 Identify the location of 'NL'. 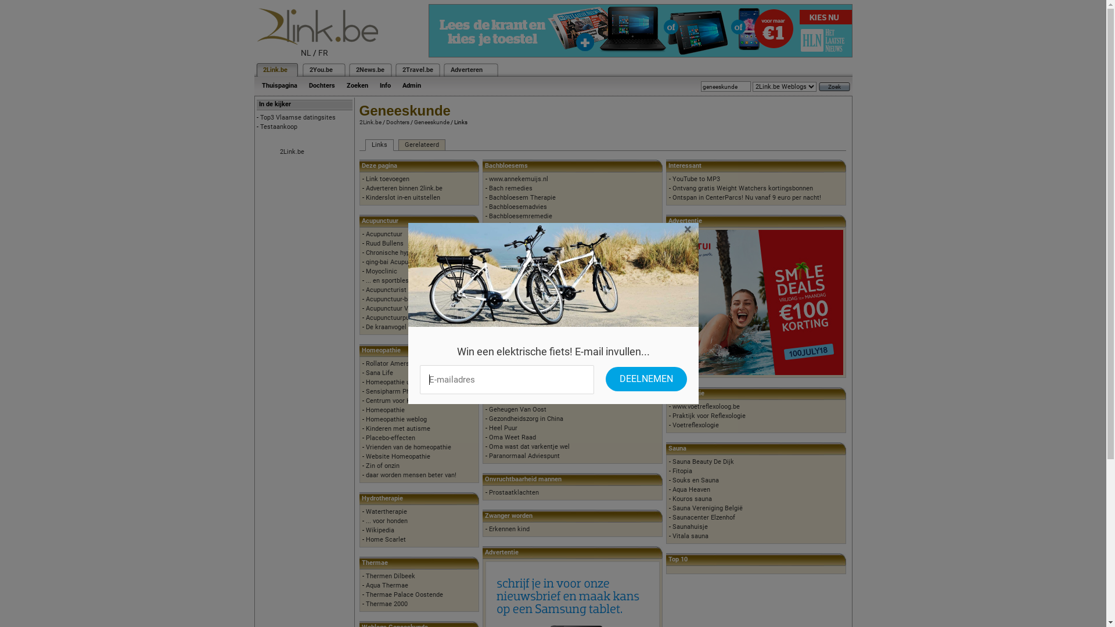
(306, 53).